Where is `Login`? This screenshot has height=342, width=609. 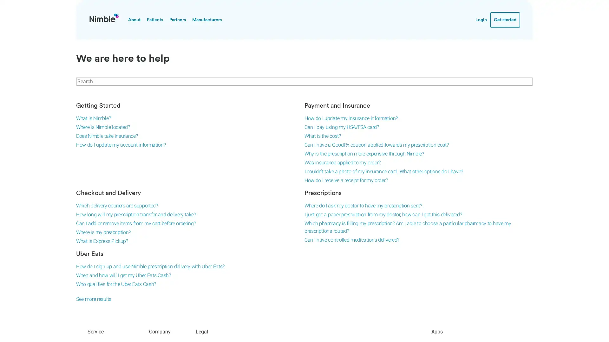 Login is located at coordinates (481, 19).